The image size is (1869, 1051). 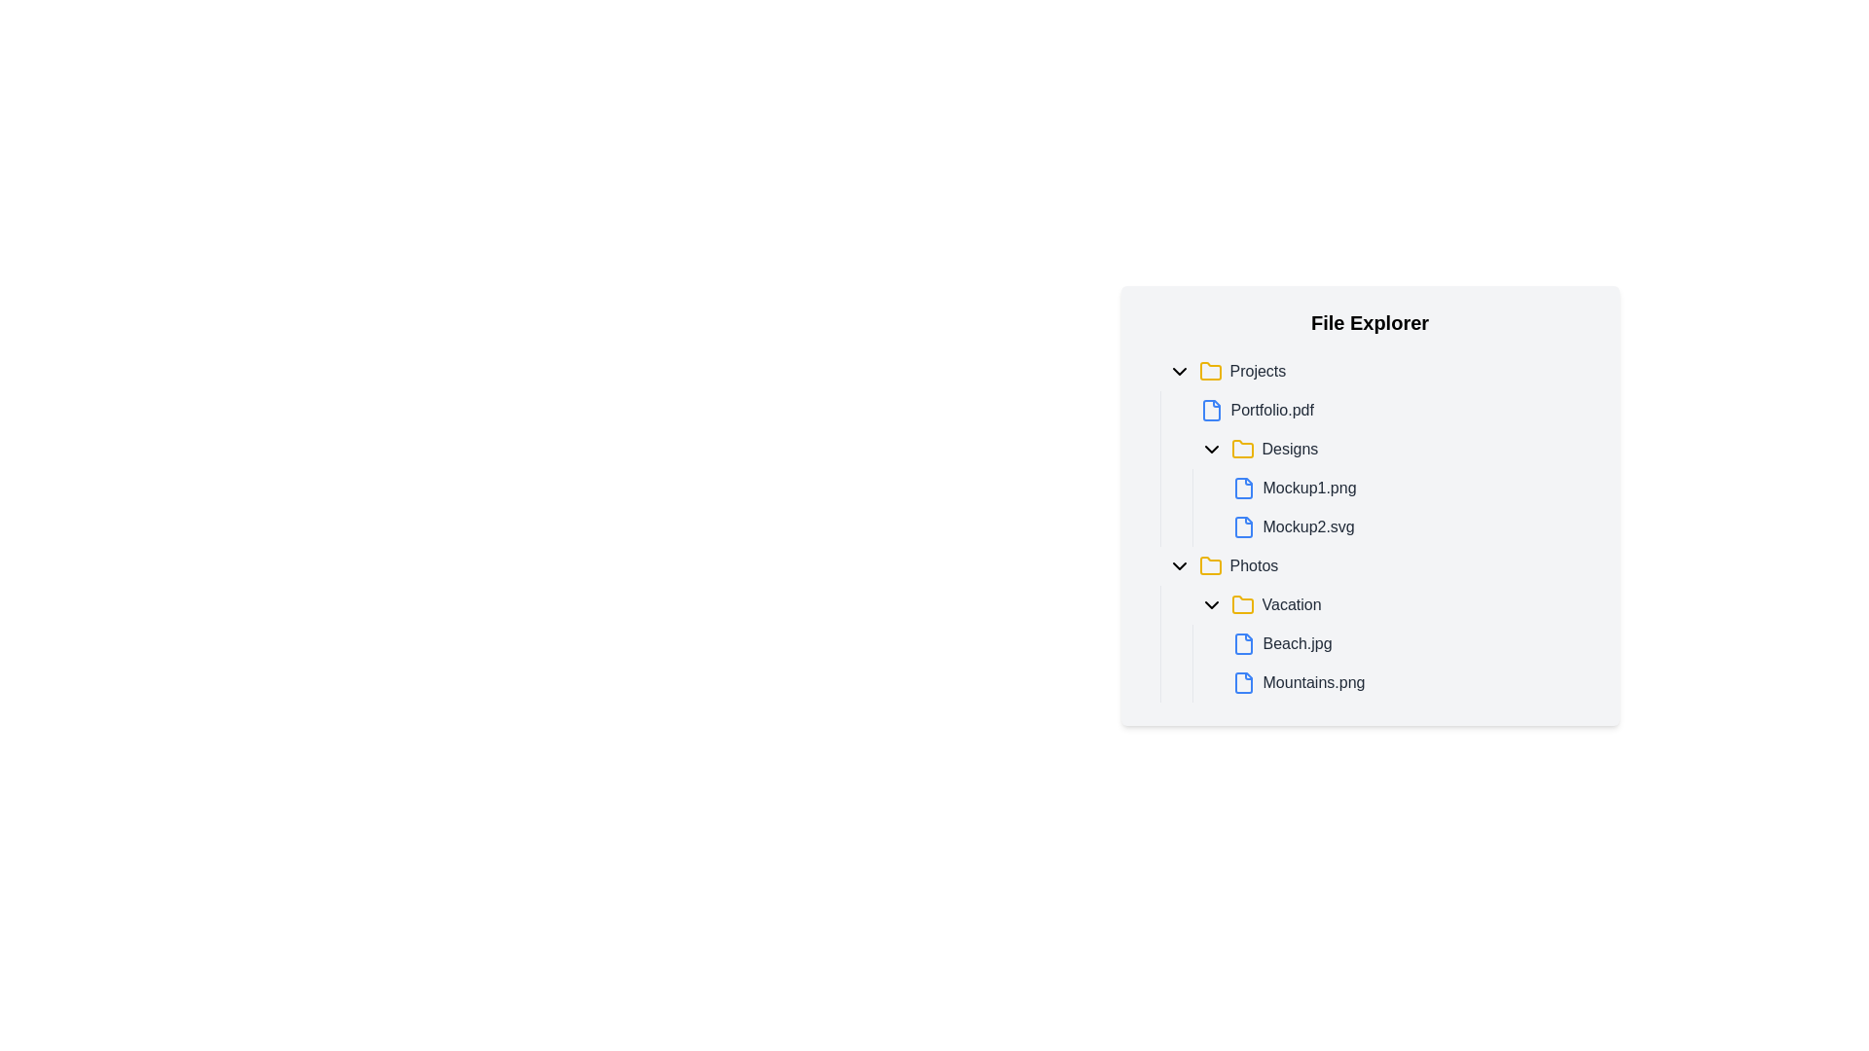 What do you see at coordinates (1241, 603) in the screenshot?
I see `the yellow folder icon representing the 'Vacation' folder in the 'File Explorer' interface` at bounding box center [1241, 603].